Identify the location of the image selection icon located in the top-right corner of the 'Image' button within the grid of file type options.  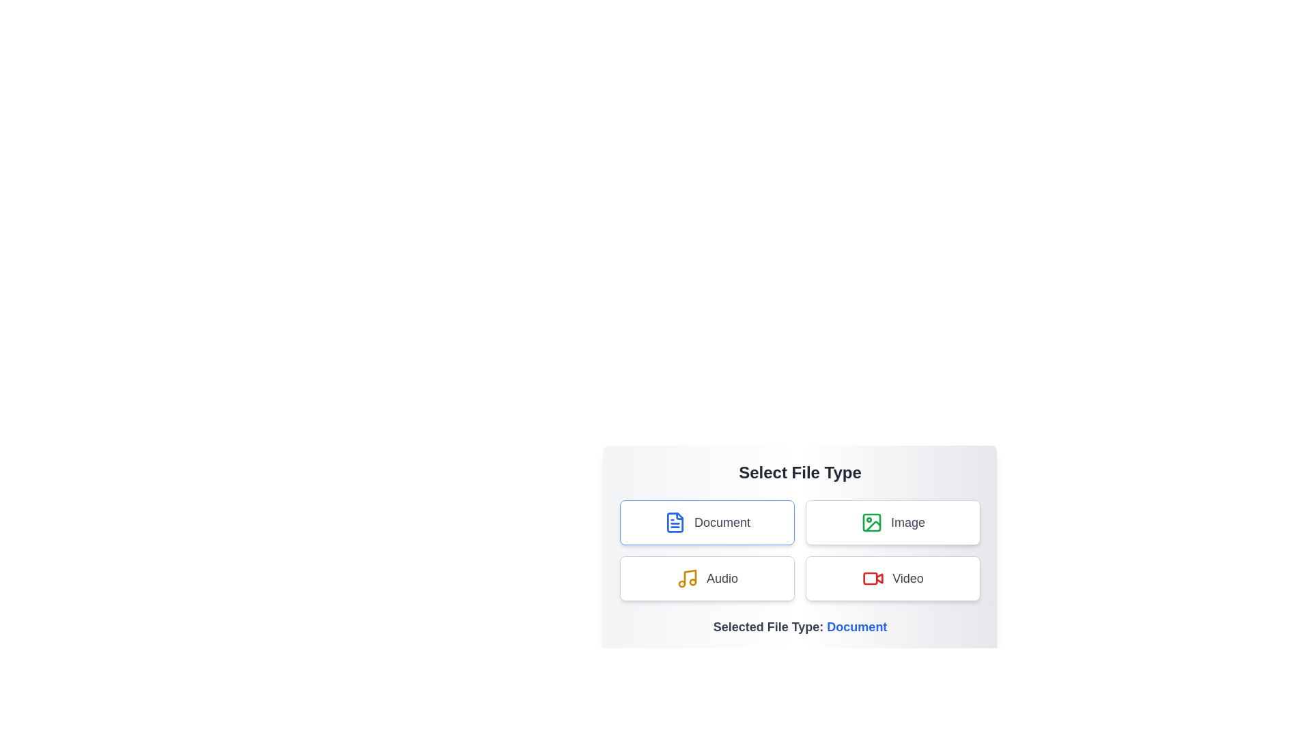
(871, 522).